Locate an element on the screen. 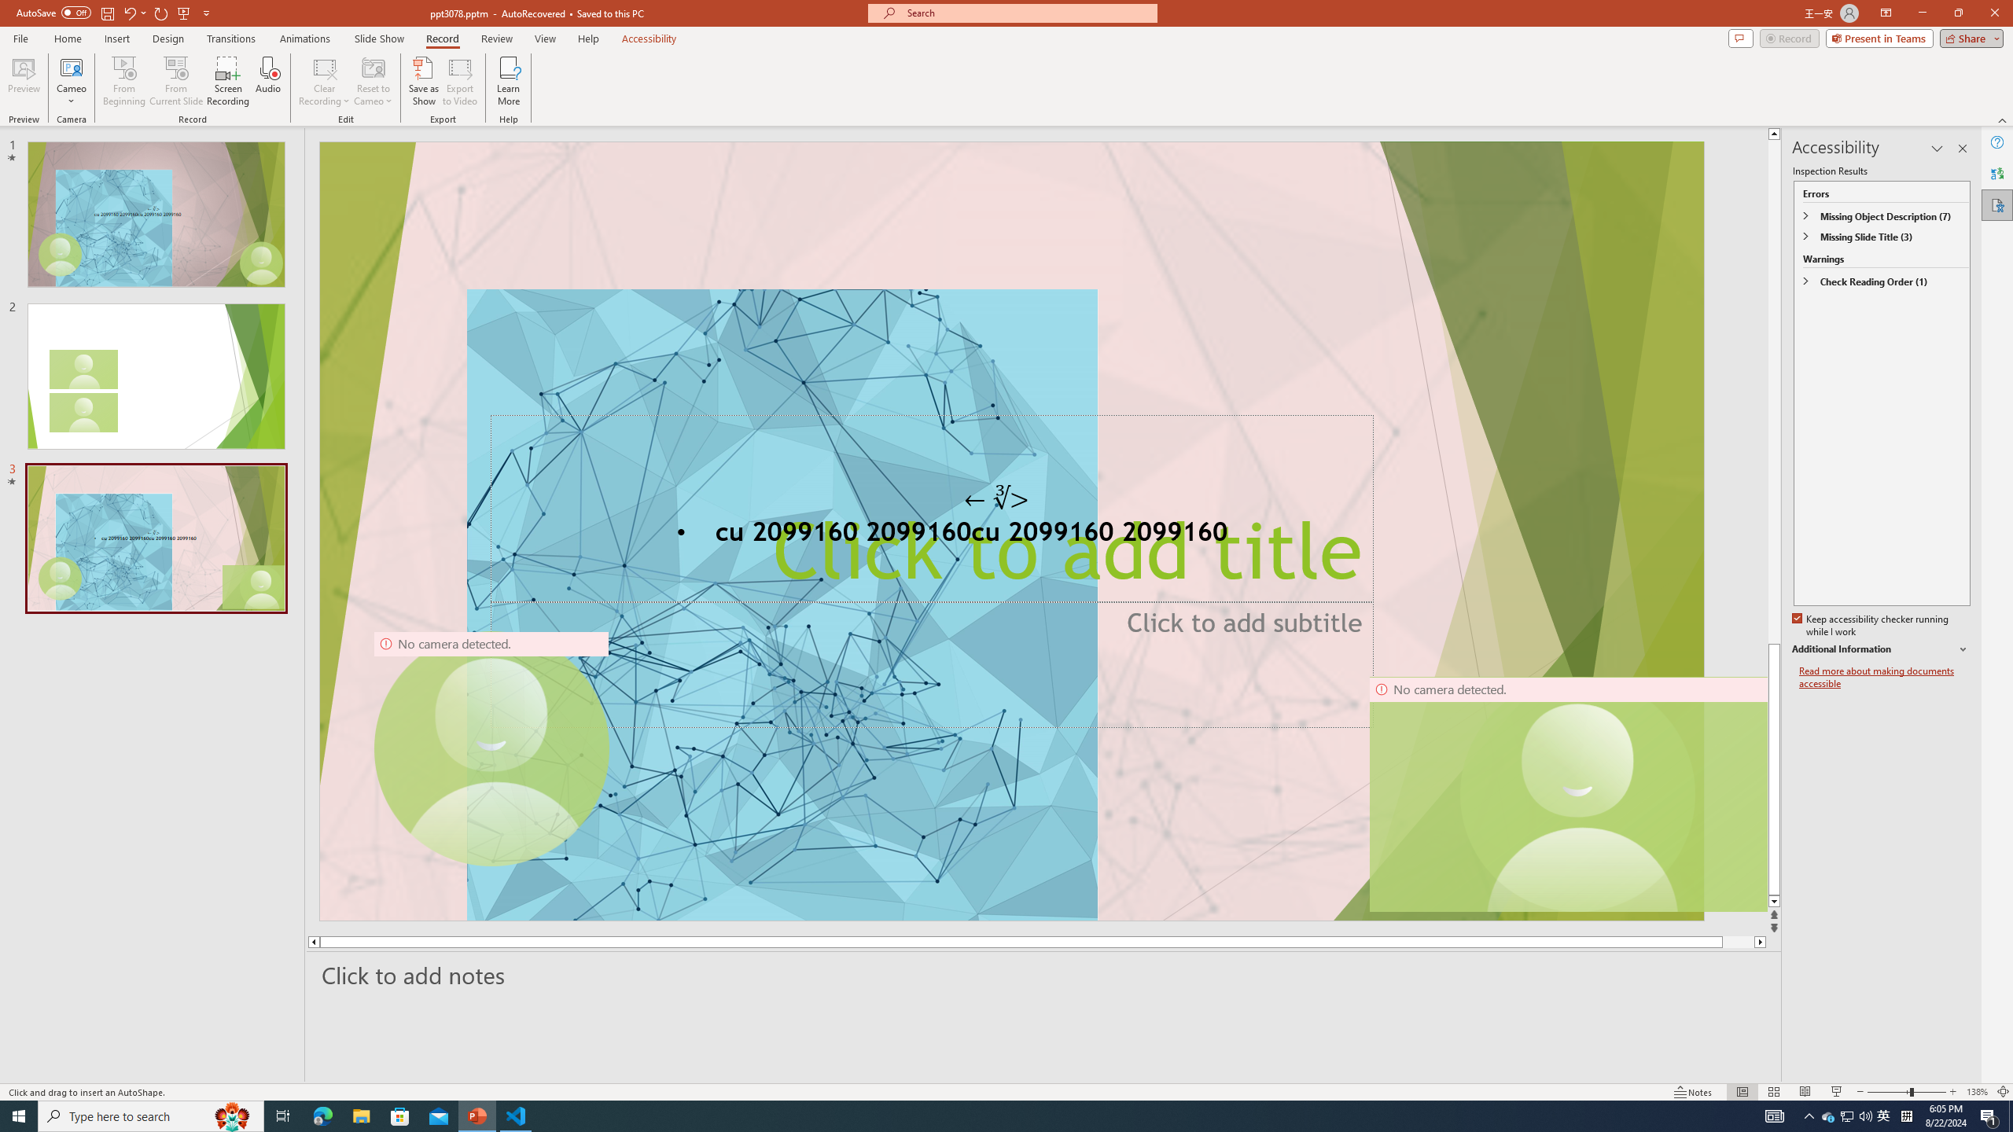  'Zoom to Fit ' is located at coordinates (2003, 1092).